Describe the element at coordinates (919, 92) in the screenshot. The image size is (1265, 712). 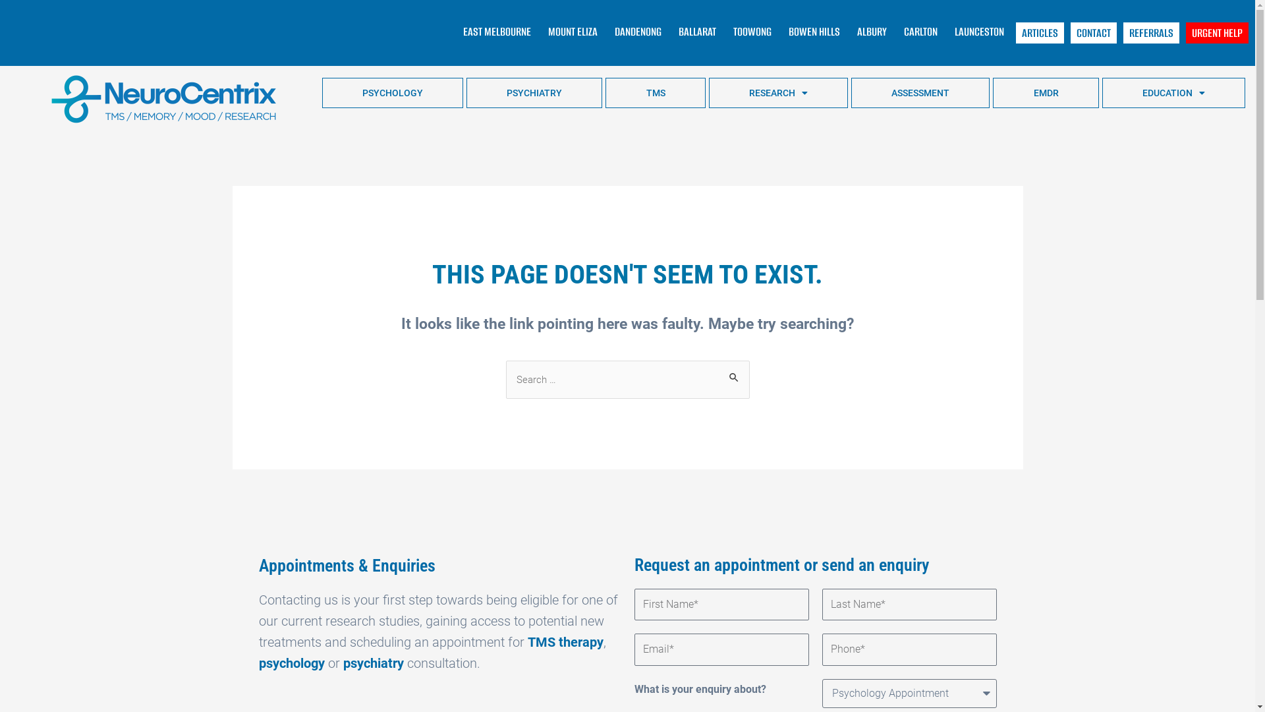
I see `'ASSESSMENT'` at that location.